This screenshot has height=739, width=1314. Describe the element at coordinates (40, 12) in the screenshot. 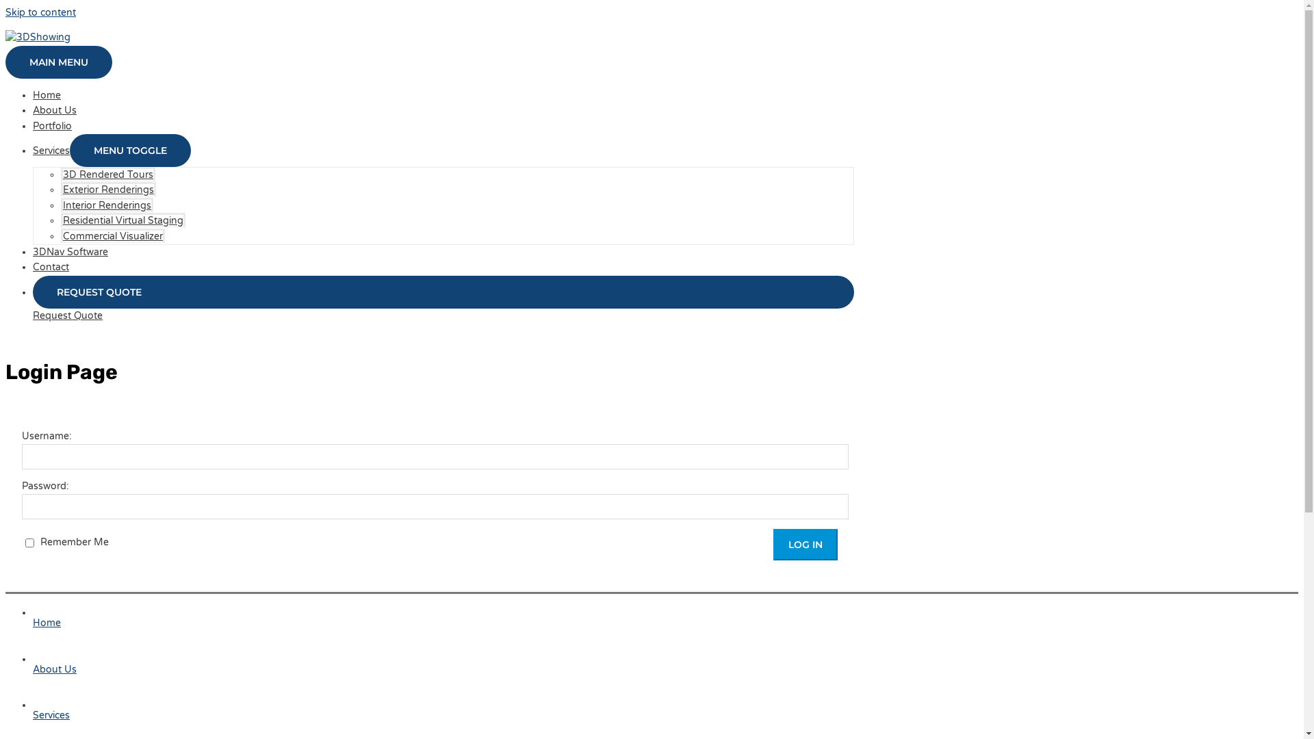

I see `'Skip to content'` at that location.